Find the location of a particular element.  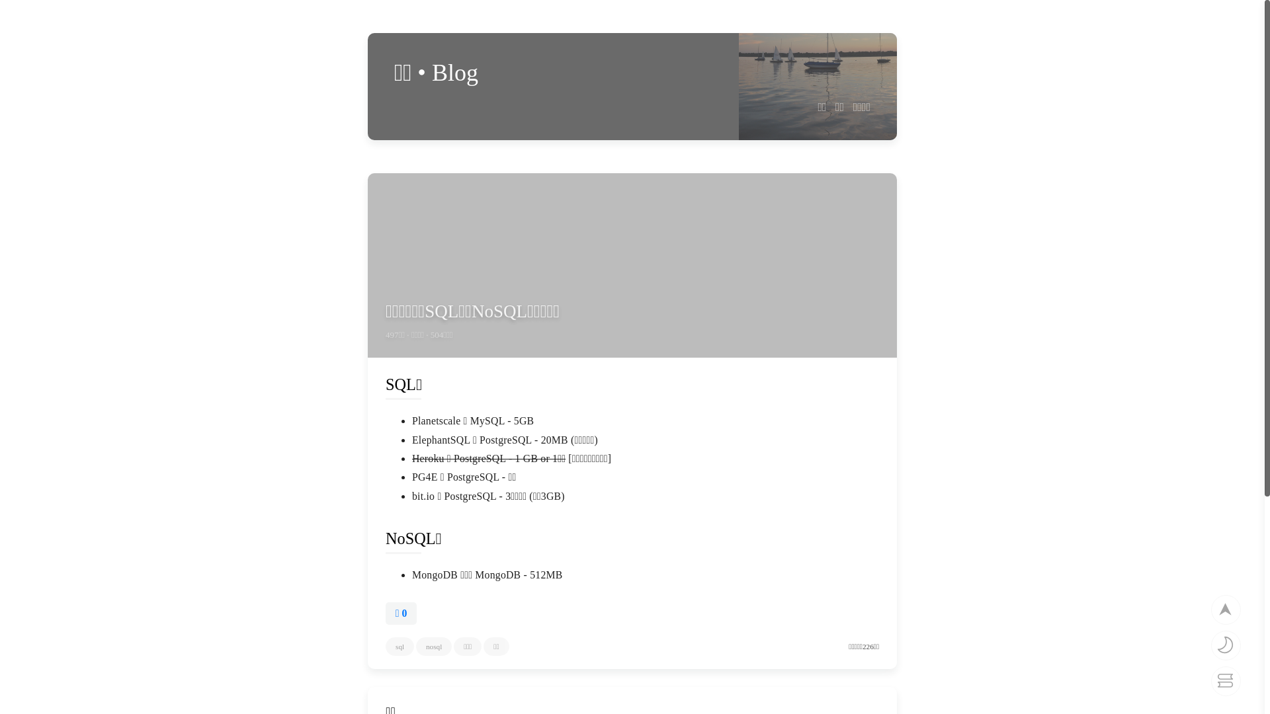

'nosql' is located at coordinates (415, 646).